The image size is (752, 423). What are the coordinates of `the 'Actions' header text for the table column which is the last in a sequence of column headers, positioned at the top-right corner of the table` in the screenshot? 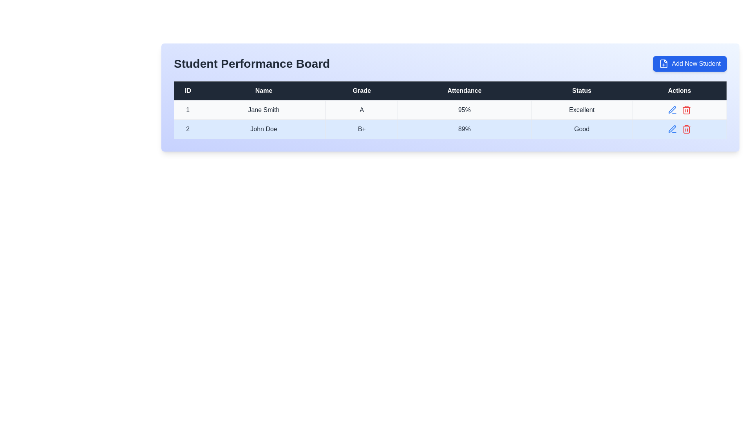 It's located at (679, 90).